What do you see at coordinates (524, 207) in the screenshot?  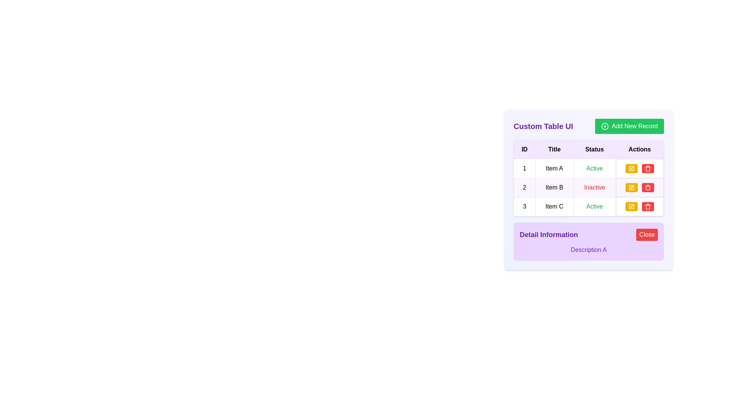 I see `displayed text from the Text component located in the third row under the first column of the table, representing the unique ID of the associated record` at bounding box center [524, 207].